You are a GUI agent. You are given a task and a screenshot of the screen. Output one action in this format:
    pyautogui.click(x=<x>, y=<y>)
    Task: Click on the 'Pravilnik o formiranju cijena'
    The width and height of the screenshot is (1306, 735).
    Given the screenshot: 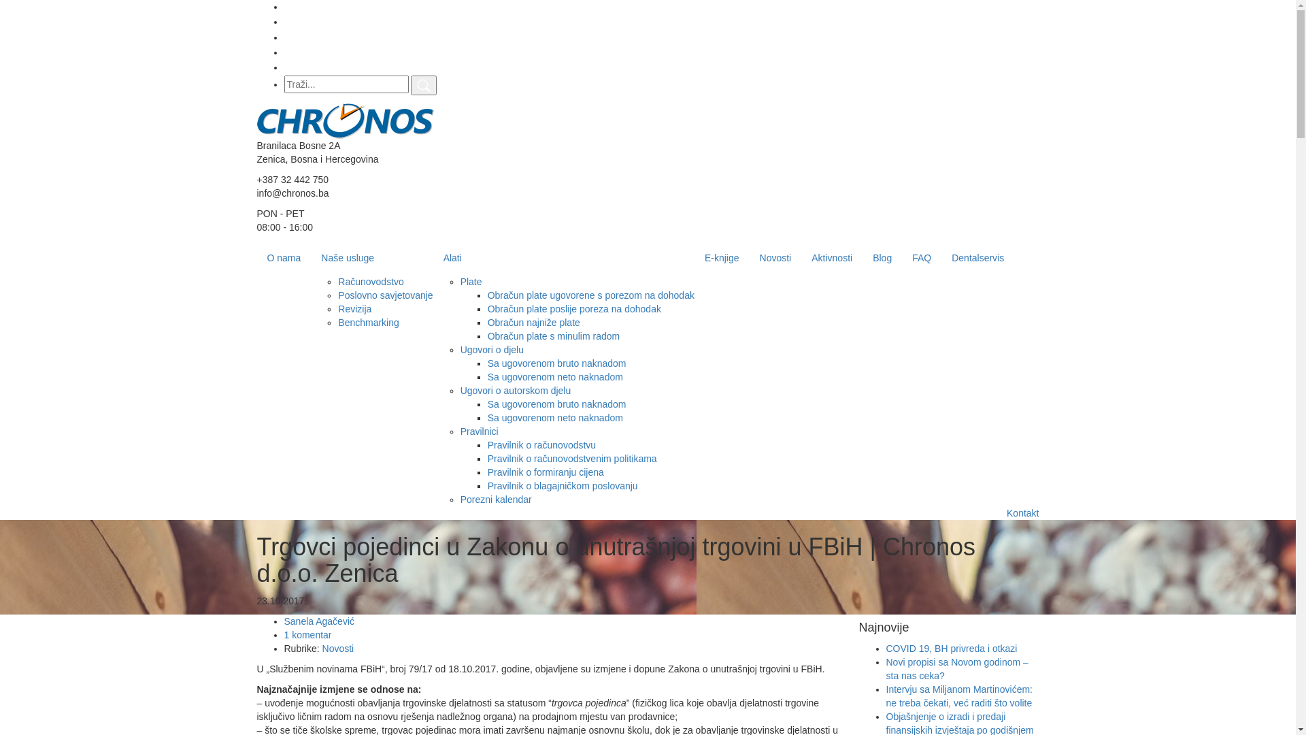 What is the action you would take?
    pyautogui.click(x=546, y=472)
    